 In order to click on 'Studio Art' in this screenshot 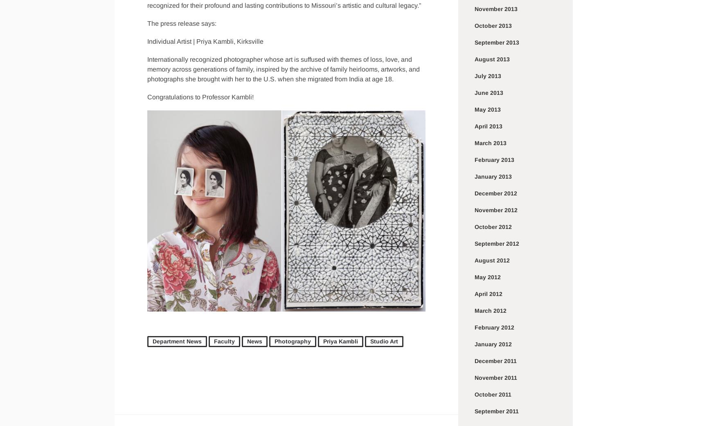, I will do `click(384, 341)`.